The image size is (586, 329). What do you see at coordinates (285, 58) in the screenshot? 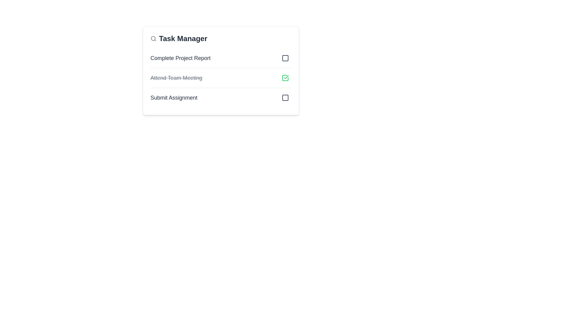
I see `the toggle button for the task 'Complete Project Report' located at the top-right corner of the task item` at bounding box center [285, 58].